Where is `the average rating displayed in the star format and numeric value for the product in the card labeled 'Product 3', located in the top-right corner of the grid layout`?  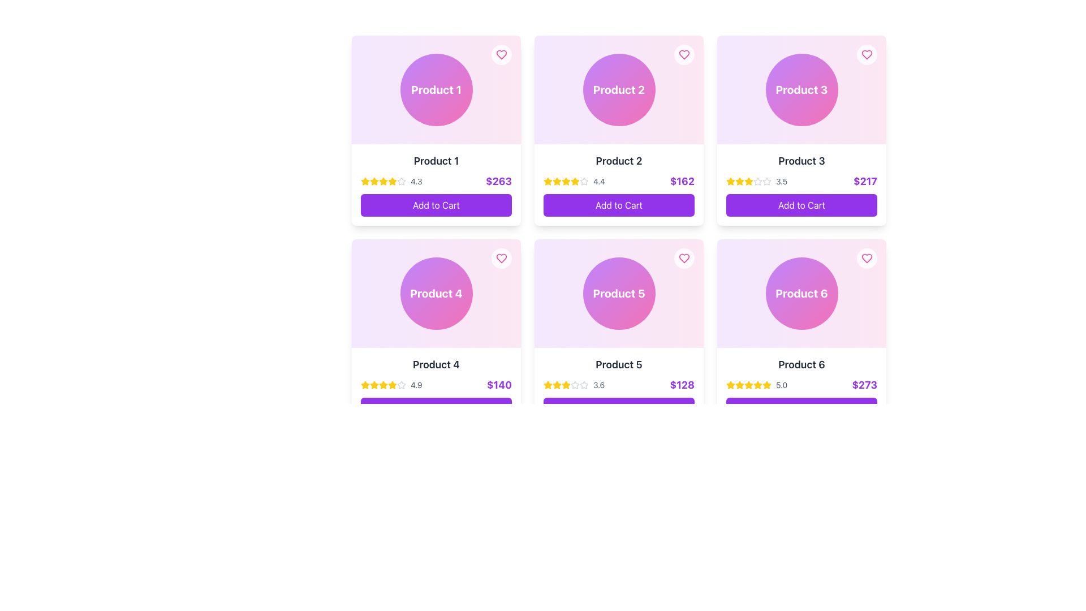 the average rating displayed in the star format and numeric value for the product in the card labeled 'Product 3', located in the top-right corner of the grid layout is located at coordinates (757, 180).